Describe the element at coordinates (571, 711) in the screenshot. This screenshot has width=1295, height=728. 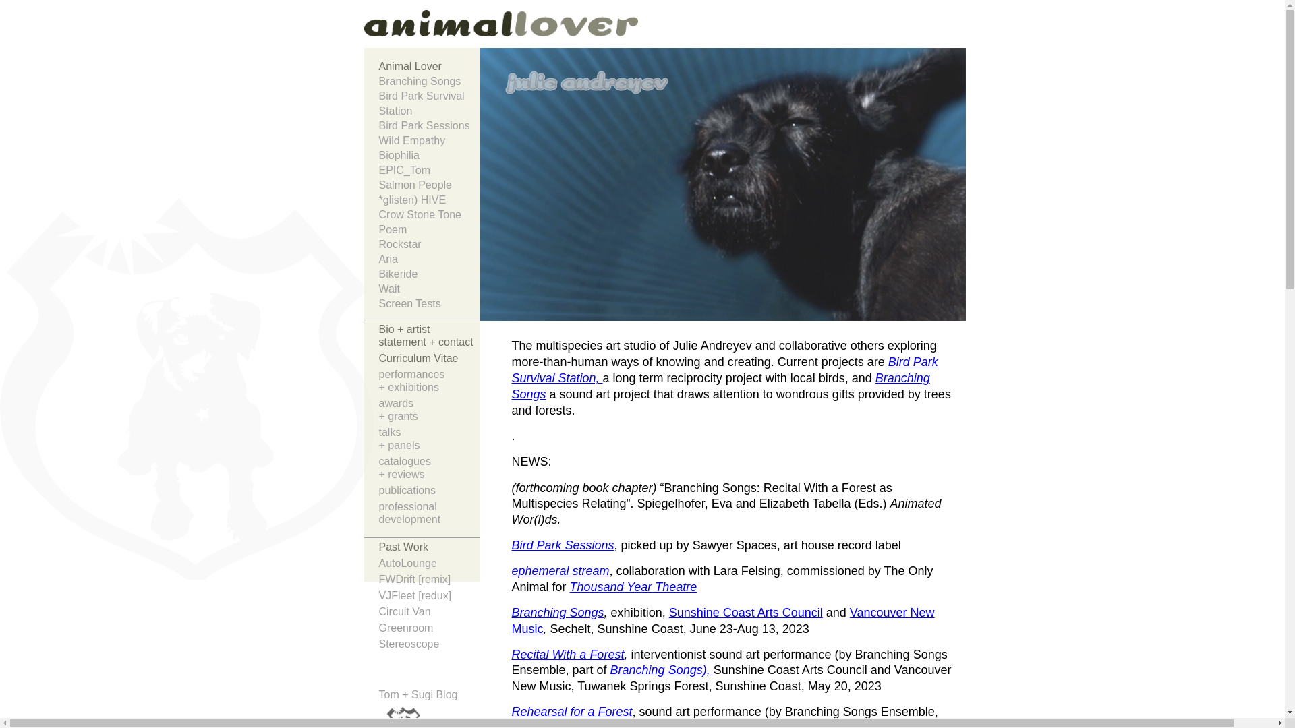
I see `'Rehearsal for a Forest'` at that location.